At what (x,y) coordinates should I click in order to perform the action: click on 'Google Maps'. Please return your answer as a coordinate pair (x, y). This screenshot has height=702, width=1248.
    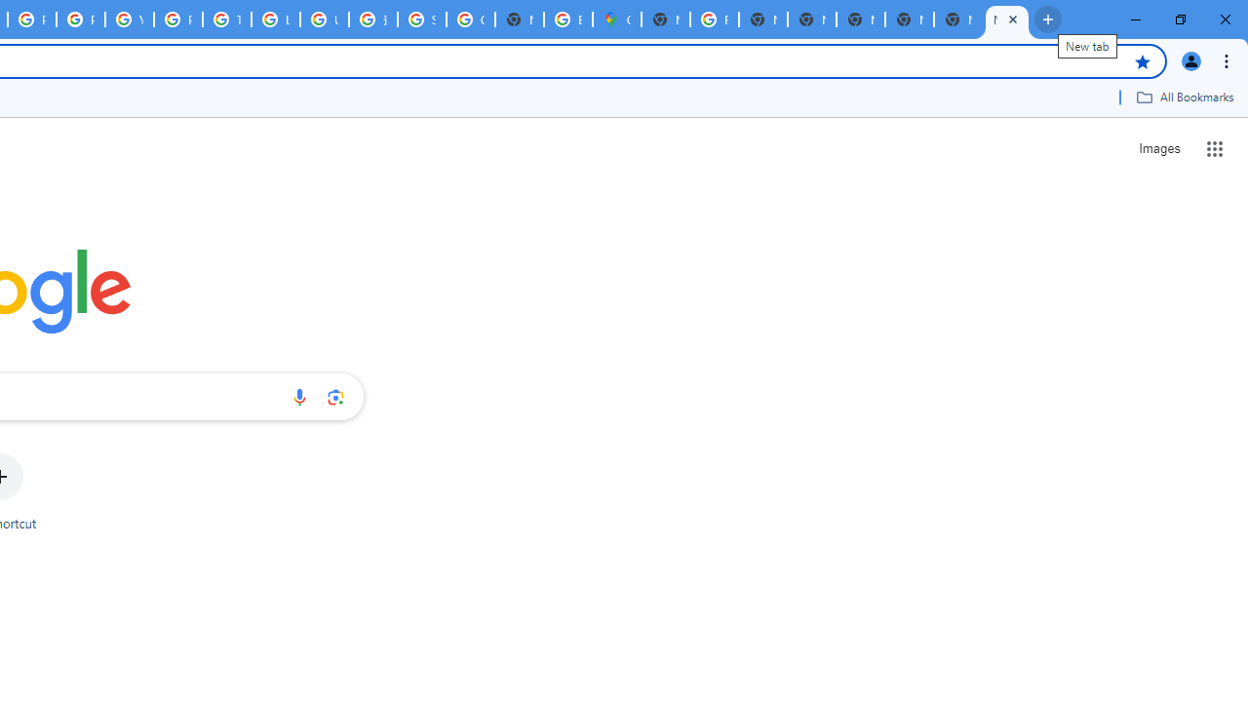
    Looking at the image, I should click on (615, 19).